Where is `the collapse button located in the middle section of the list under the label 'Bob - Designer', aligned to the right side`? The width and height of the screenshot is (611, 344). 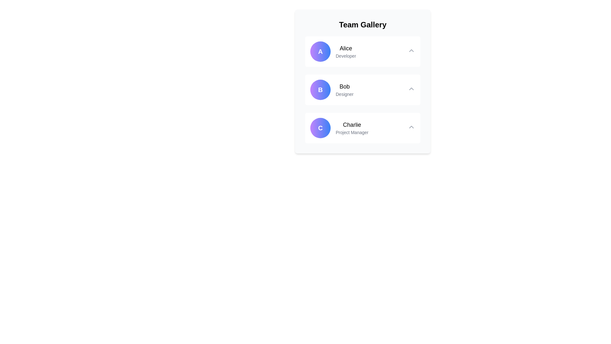
the collapse button located in the middle section of the list under the label 'Bob - Designer', aligned to the right side is located at coordinates (411, 89).